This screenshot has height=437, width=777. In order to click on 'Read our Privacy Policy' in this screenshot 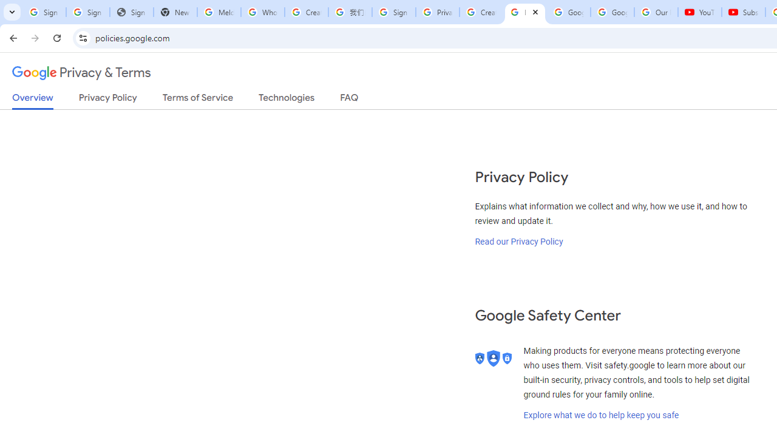, I will do `click(519, 241)`.